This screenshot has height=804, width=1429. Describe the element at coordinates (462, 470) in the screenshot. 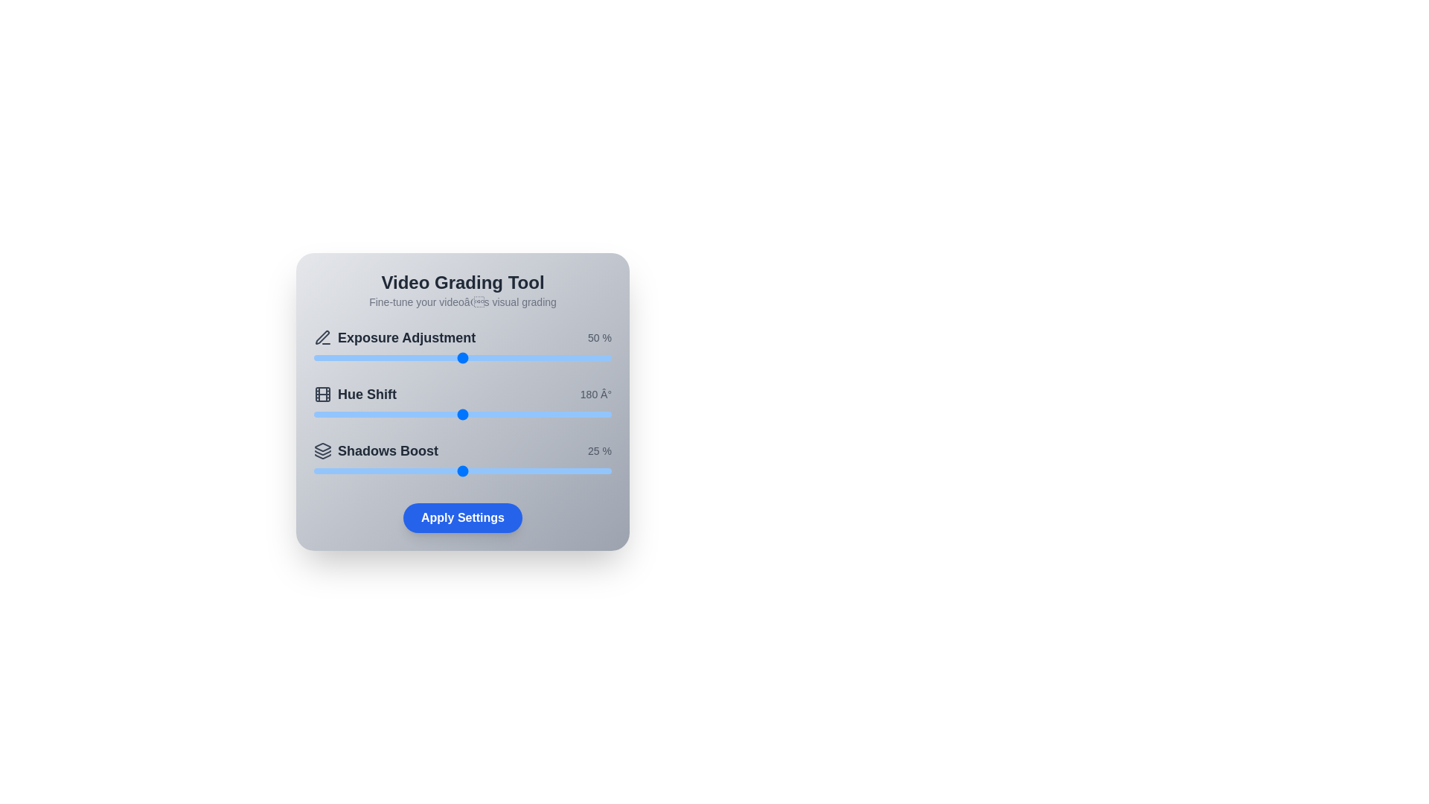

I see `the knob of the Shadows Boost range slider control` at that location.